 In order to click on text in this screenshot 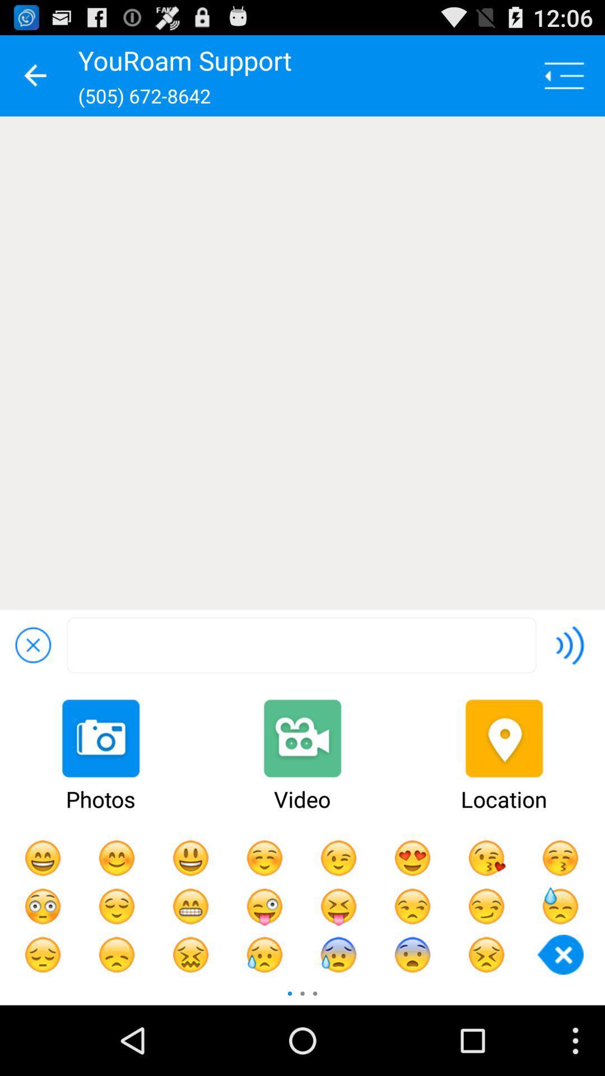, I will do `click(301, 645)`.